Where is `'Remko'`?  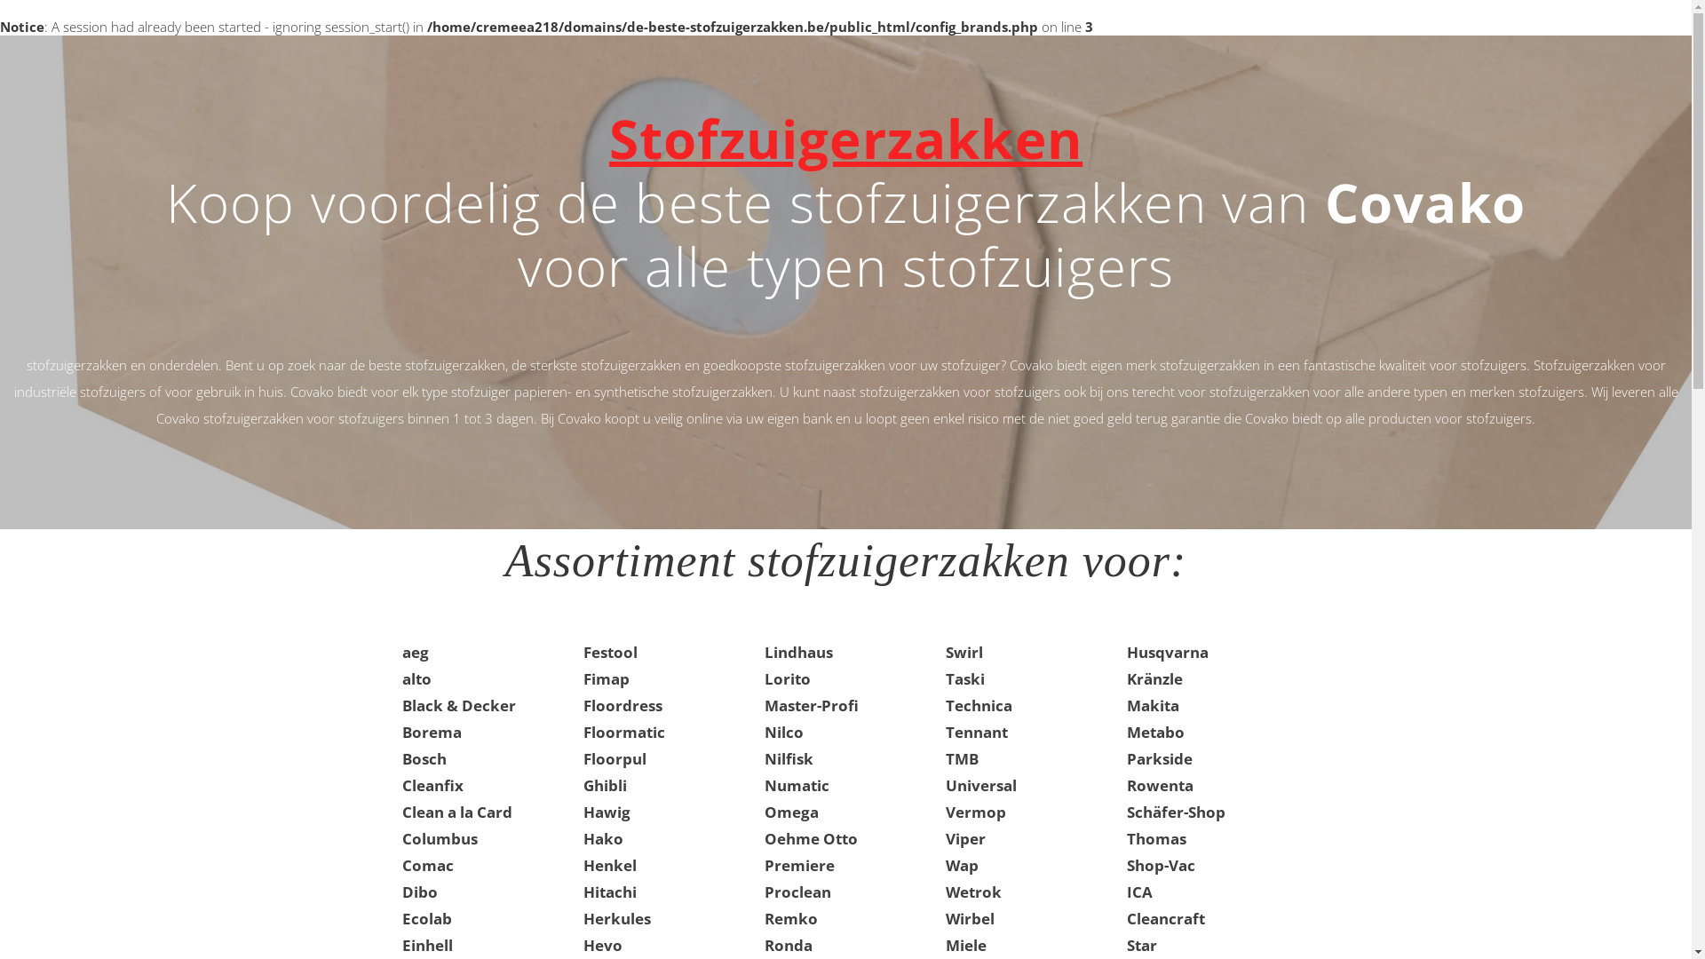 'Remko' is located at coordinates (789, 918).